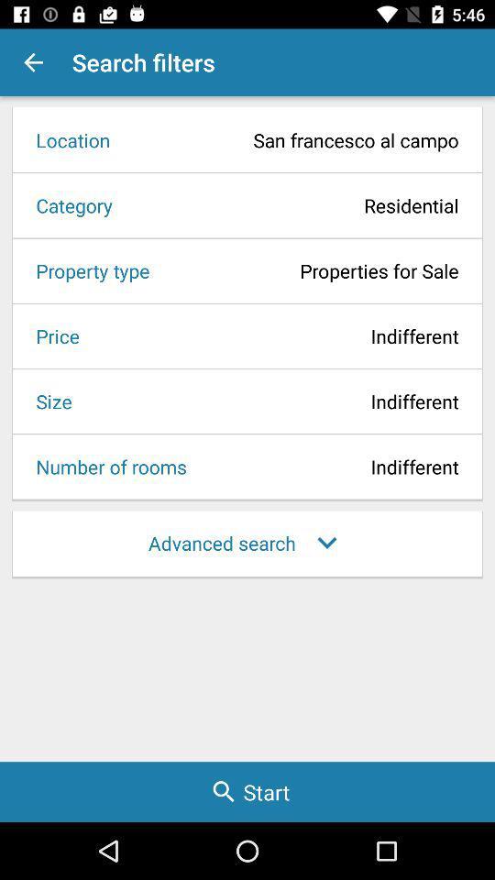 This screenshot has width=495, height=880. I want to click on properties for sale item, so click(309, 269).